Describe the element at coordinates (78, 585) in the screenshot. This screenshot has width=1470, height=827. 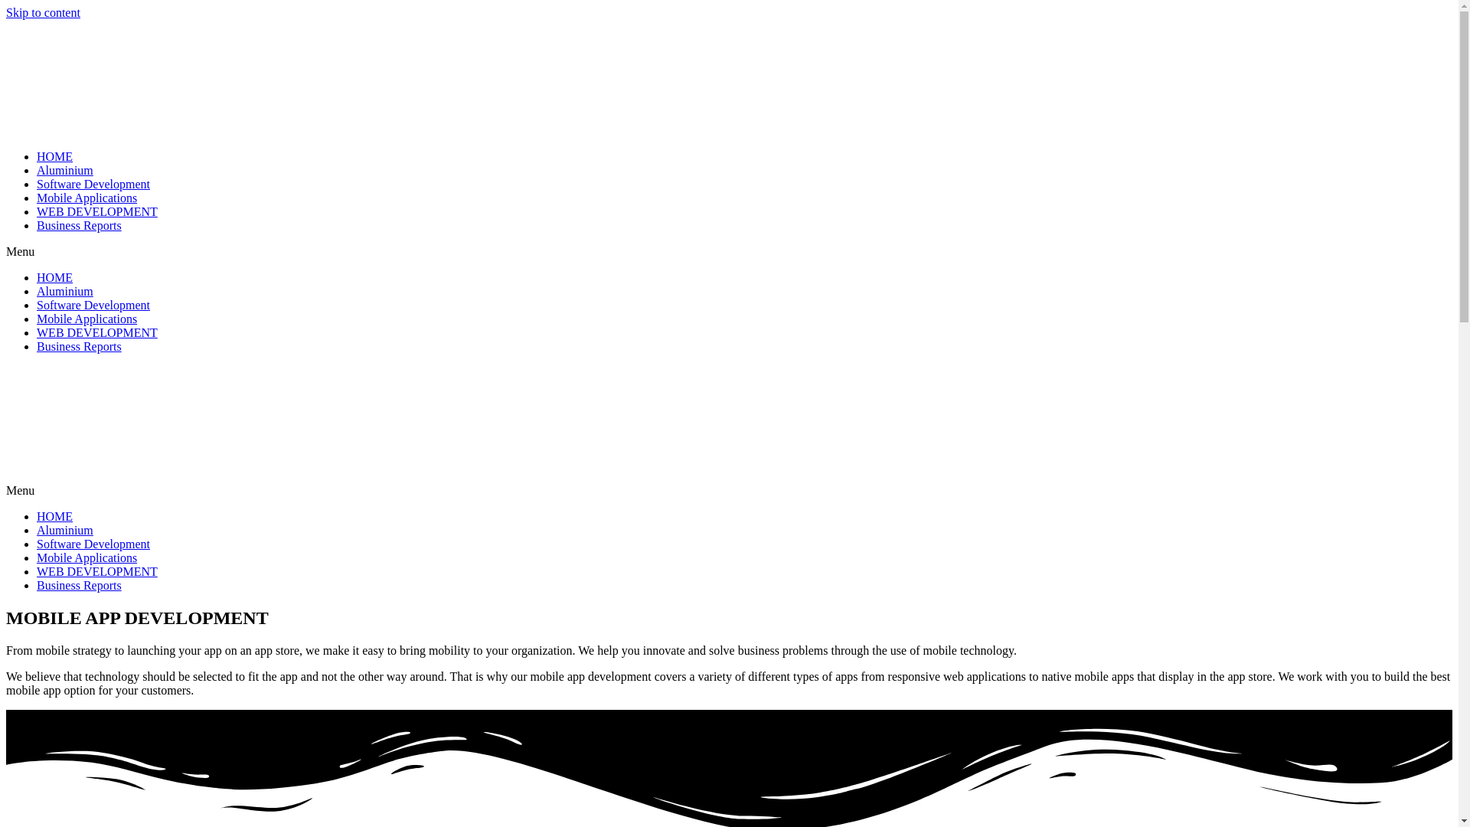
I see `'Business Reports'` at that location.